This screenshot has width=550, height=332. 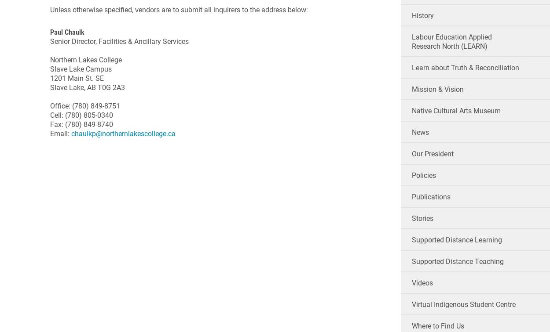 I want to click on 'Mission & Vision', so click(x=437, y=89).